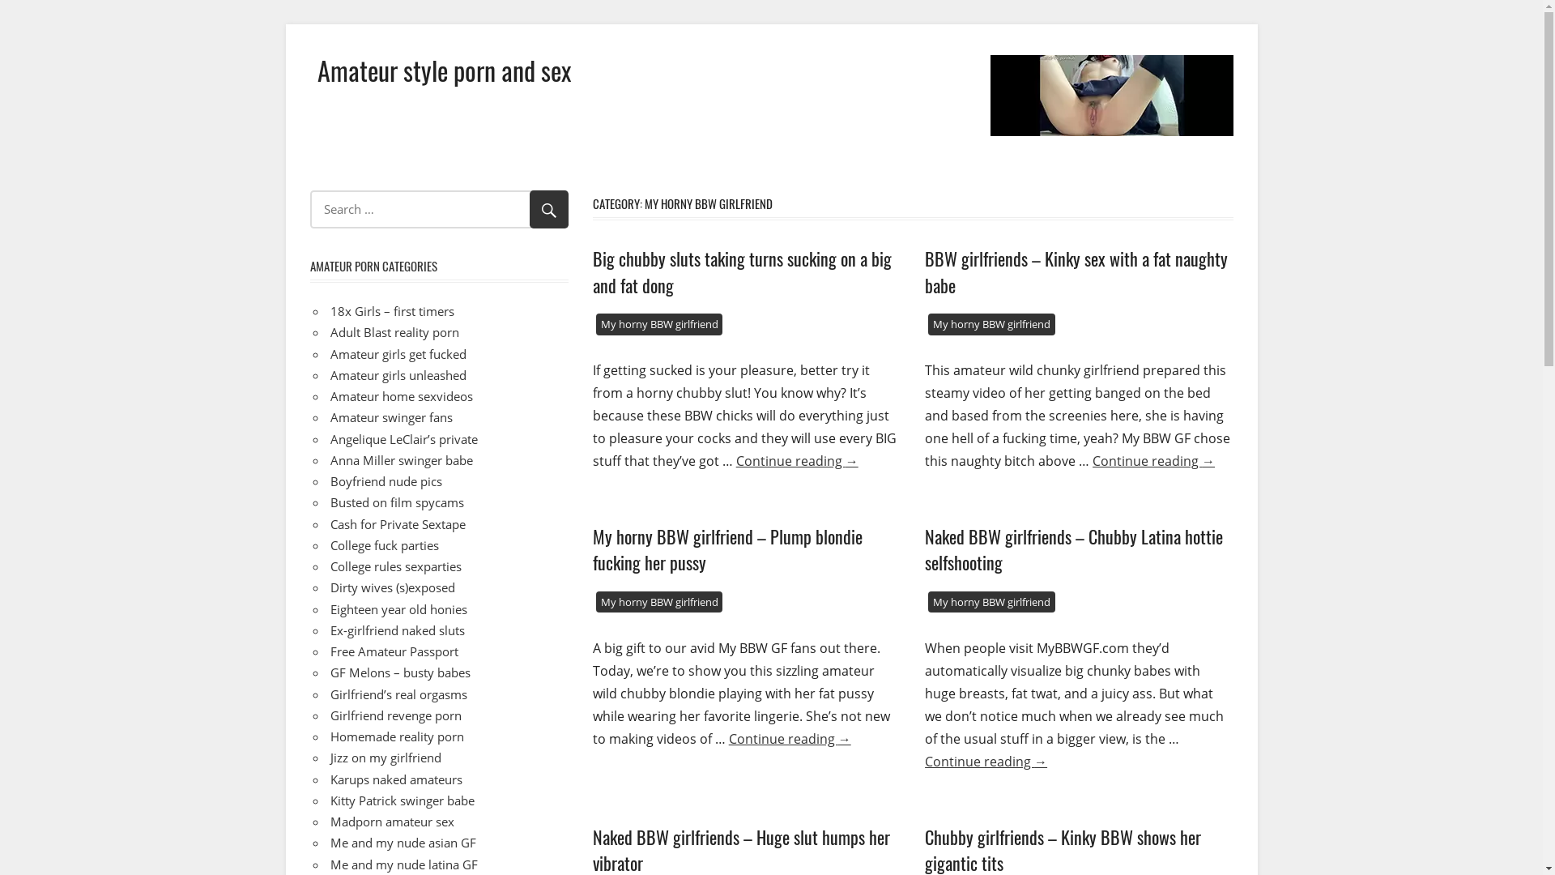  I want to click on 'Amateur girls get fucked', so click(398, 352).